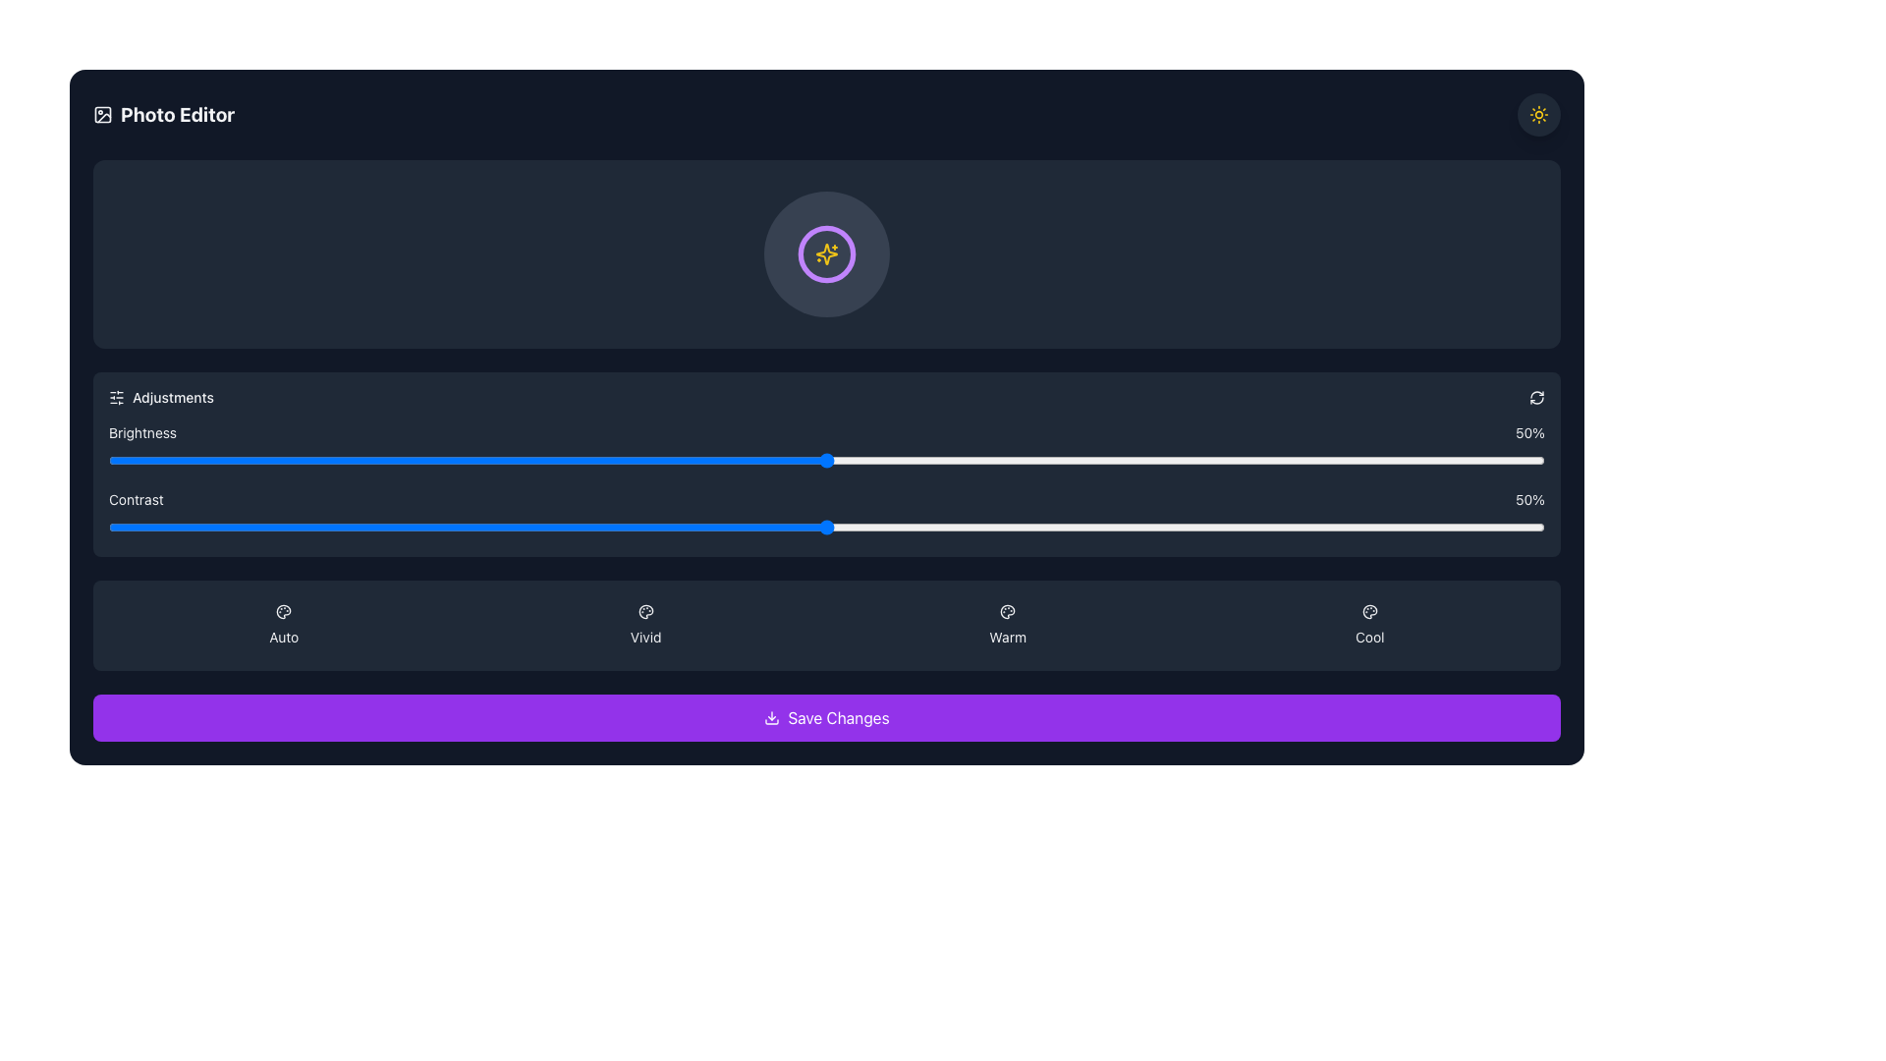 This screenshot has height=1061, width=1886. I want to click on the painter's palette icon button located in the bottom-right corner of the toolbar, so click(1368, 611).